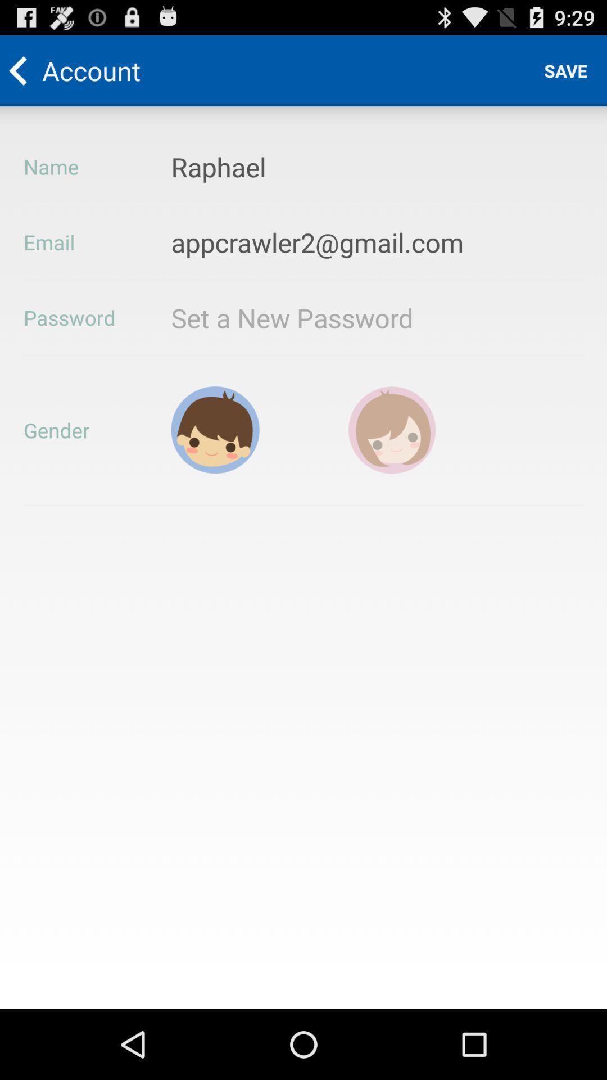  Describe the element at coordinates (325, 317) in the screenshot. I see `set a new password` at that location.